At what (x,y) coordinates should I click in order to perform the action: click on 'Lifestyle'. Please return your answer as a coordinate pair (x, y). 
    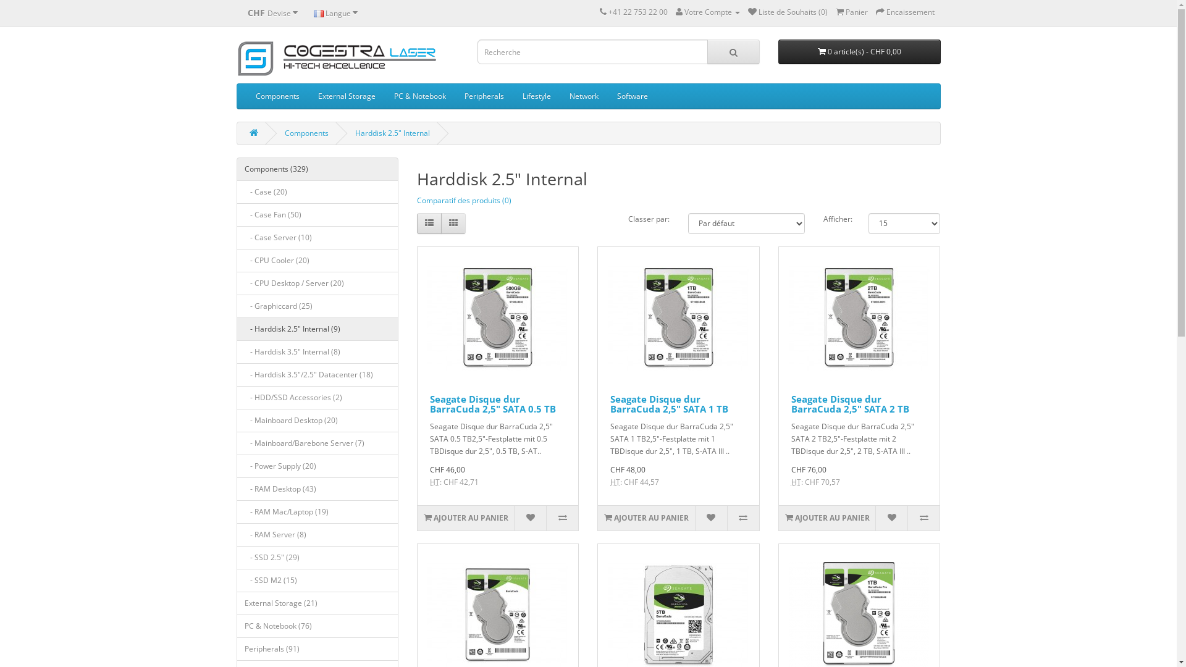
    Looking at the image, I should click on (536, 95).